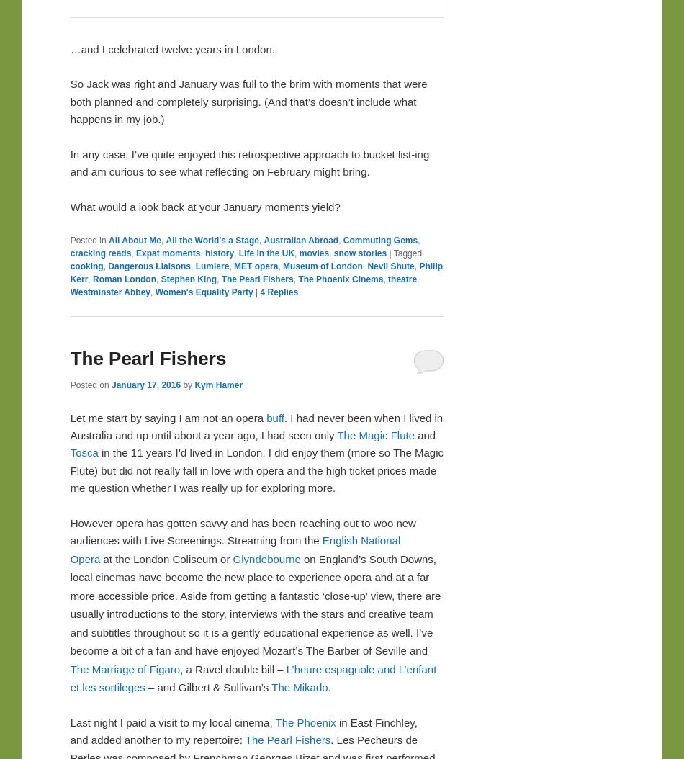  I want to click on 'Commuting Gems', so click(380, 239).